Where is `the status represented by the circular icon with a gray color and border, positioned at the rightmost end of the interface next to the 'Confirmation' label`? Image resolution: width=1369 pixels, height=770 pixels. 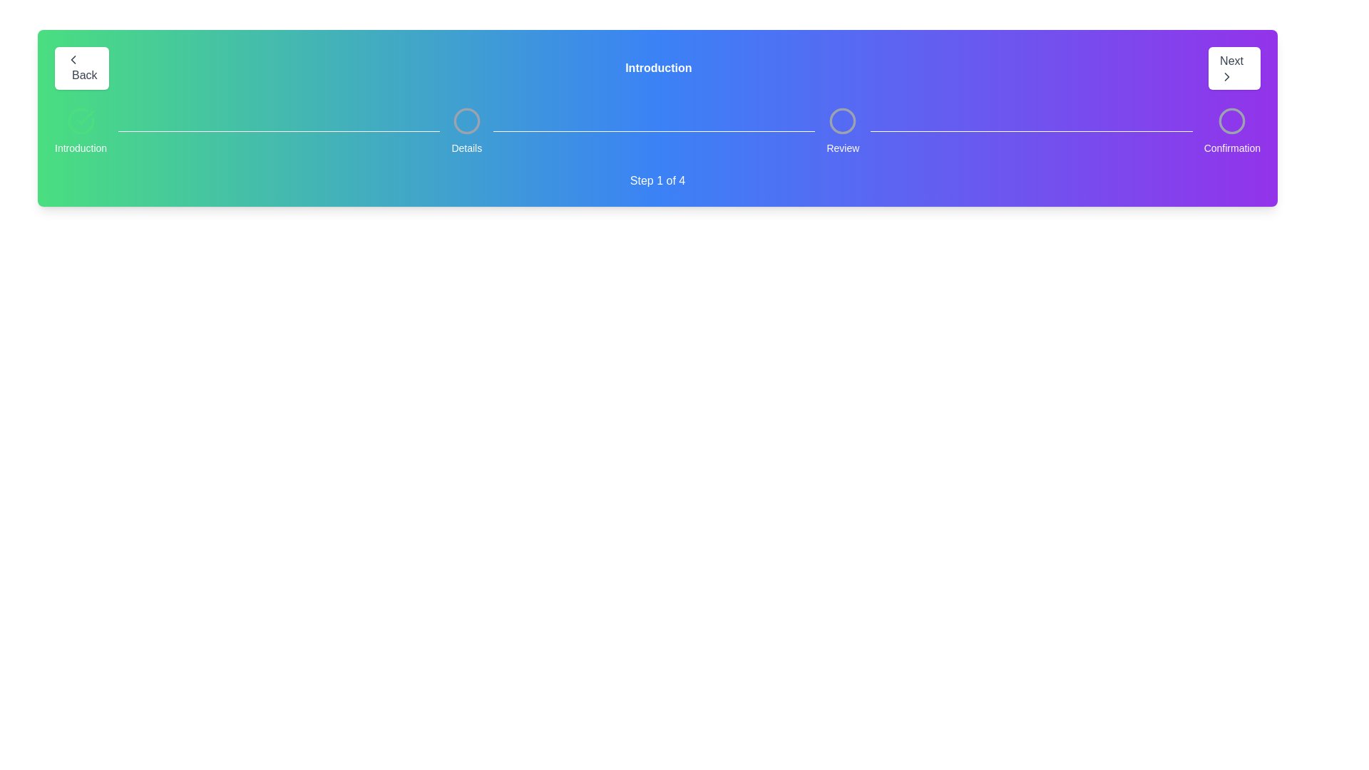 the status represented by the circular icon with a gray color and border, positioned at the rightmost end of the interface next to the 'Confirmation' label is located at coordinates (1231, 120).